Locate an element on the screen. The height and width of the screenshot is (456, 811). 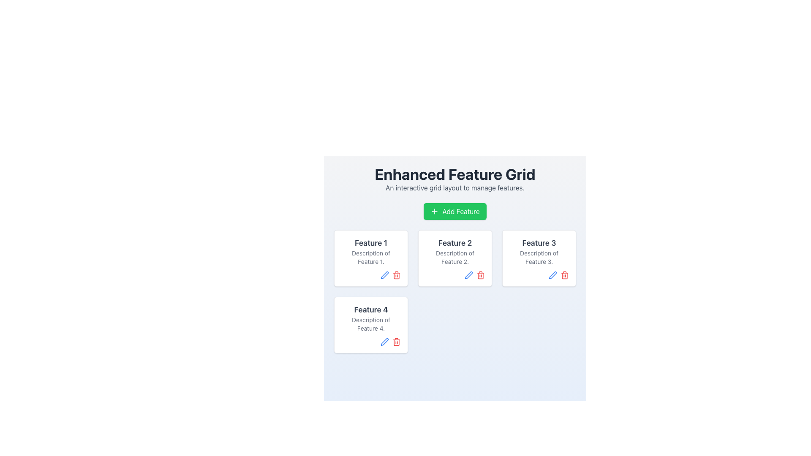
the label providing descriptive text for a specific feature located in the second card from the left in the top row of a grid layout is located at coordinates (454, 251).